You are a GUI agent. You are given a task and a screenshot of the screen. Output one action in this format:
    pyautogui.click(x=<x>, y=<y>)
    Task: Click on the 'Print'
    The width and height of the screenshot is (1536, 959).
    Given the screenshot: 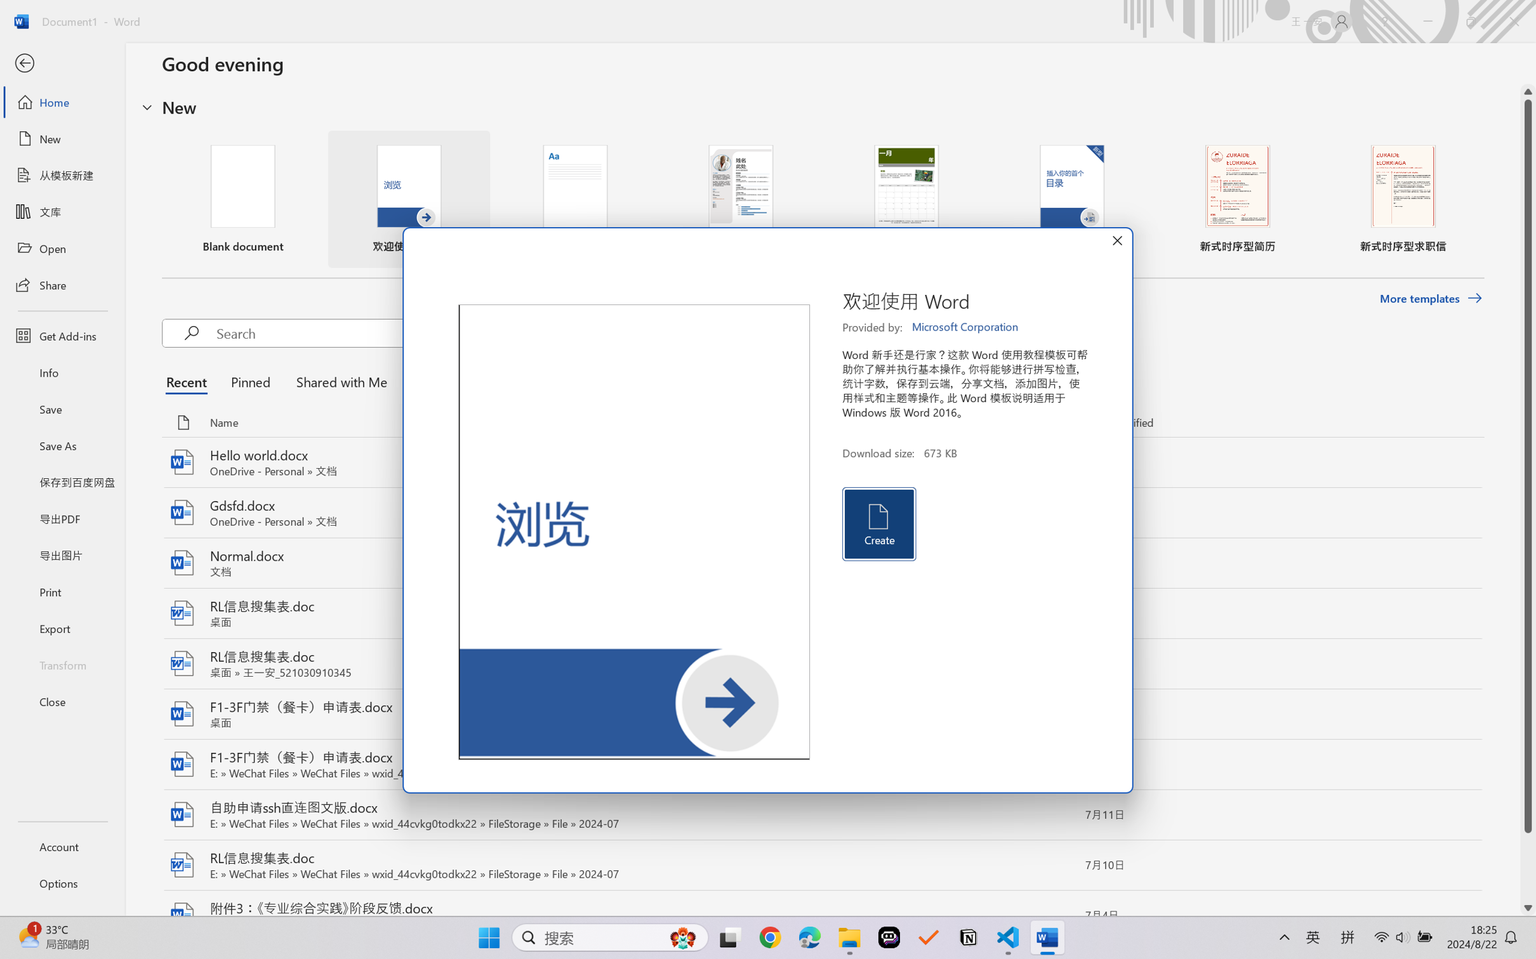 What is the action you would take?
    pyautogui.click(x=62, y=592)
    